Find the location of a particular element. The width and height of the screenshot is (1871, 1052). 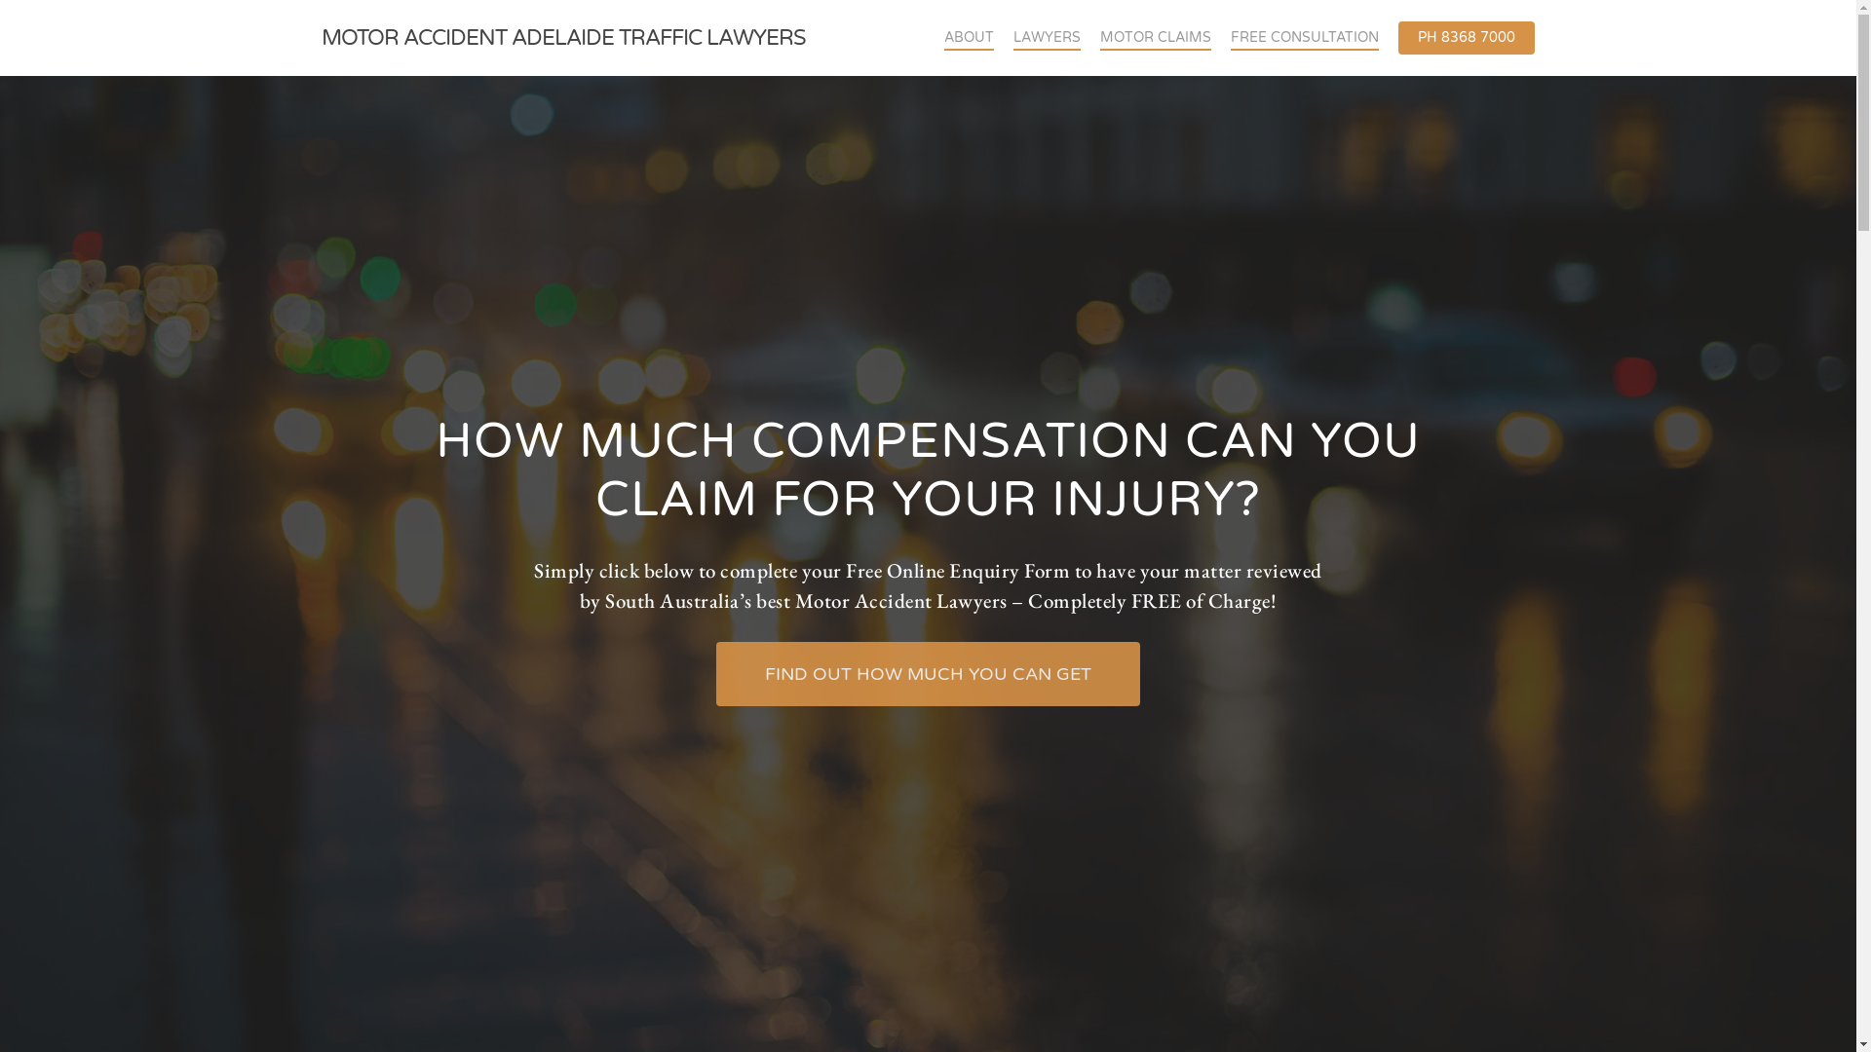

'LAWYERS' is located at coordinates (1046, 37).